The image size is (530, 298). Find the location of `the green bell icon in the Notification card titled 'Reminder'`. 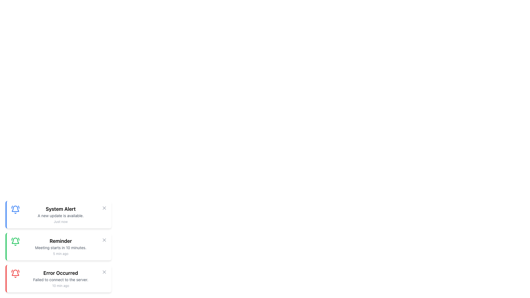

the green bell icon in the Notification card titled 'Reminder' is located at coordinates (58, 246).